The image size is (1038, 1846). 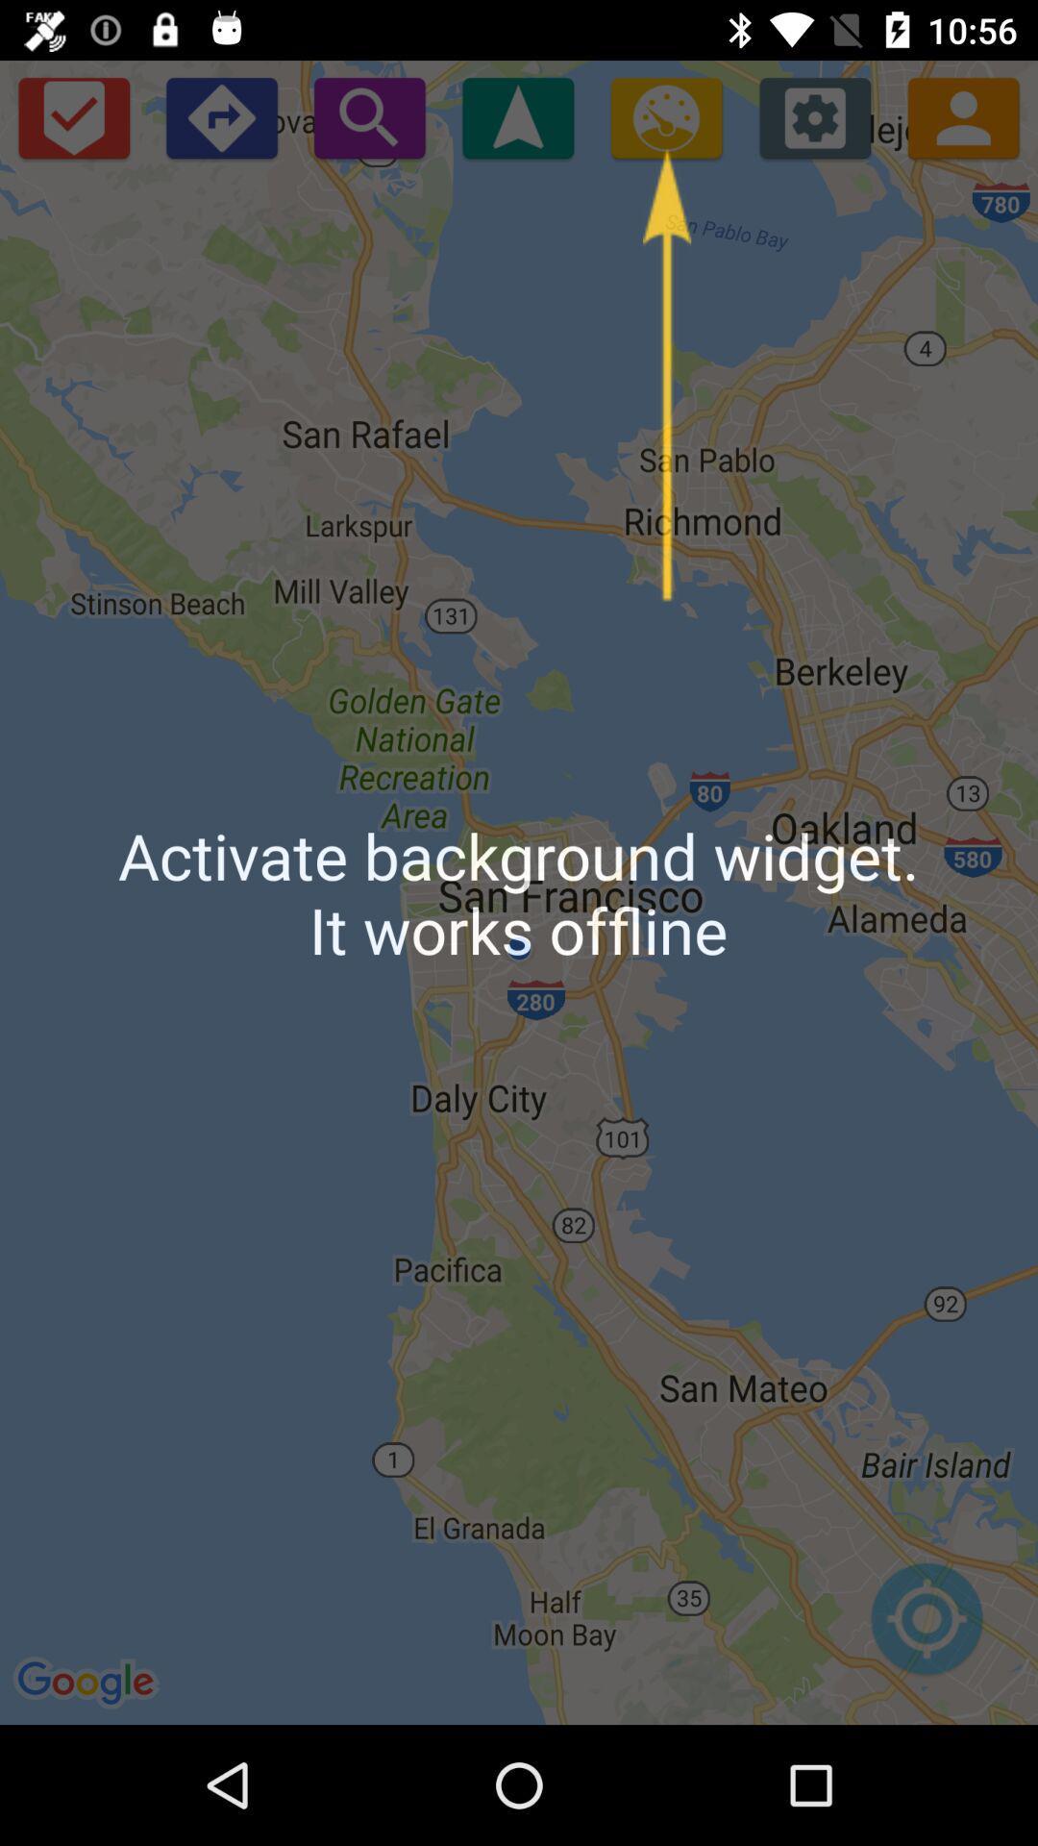 What do you see at coordinates (665, 116) in the screenshot?
I see `activate offline background widget` at bounding box center [665, 116].